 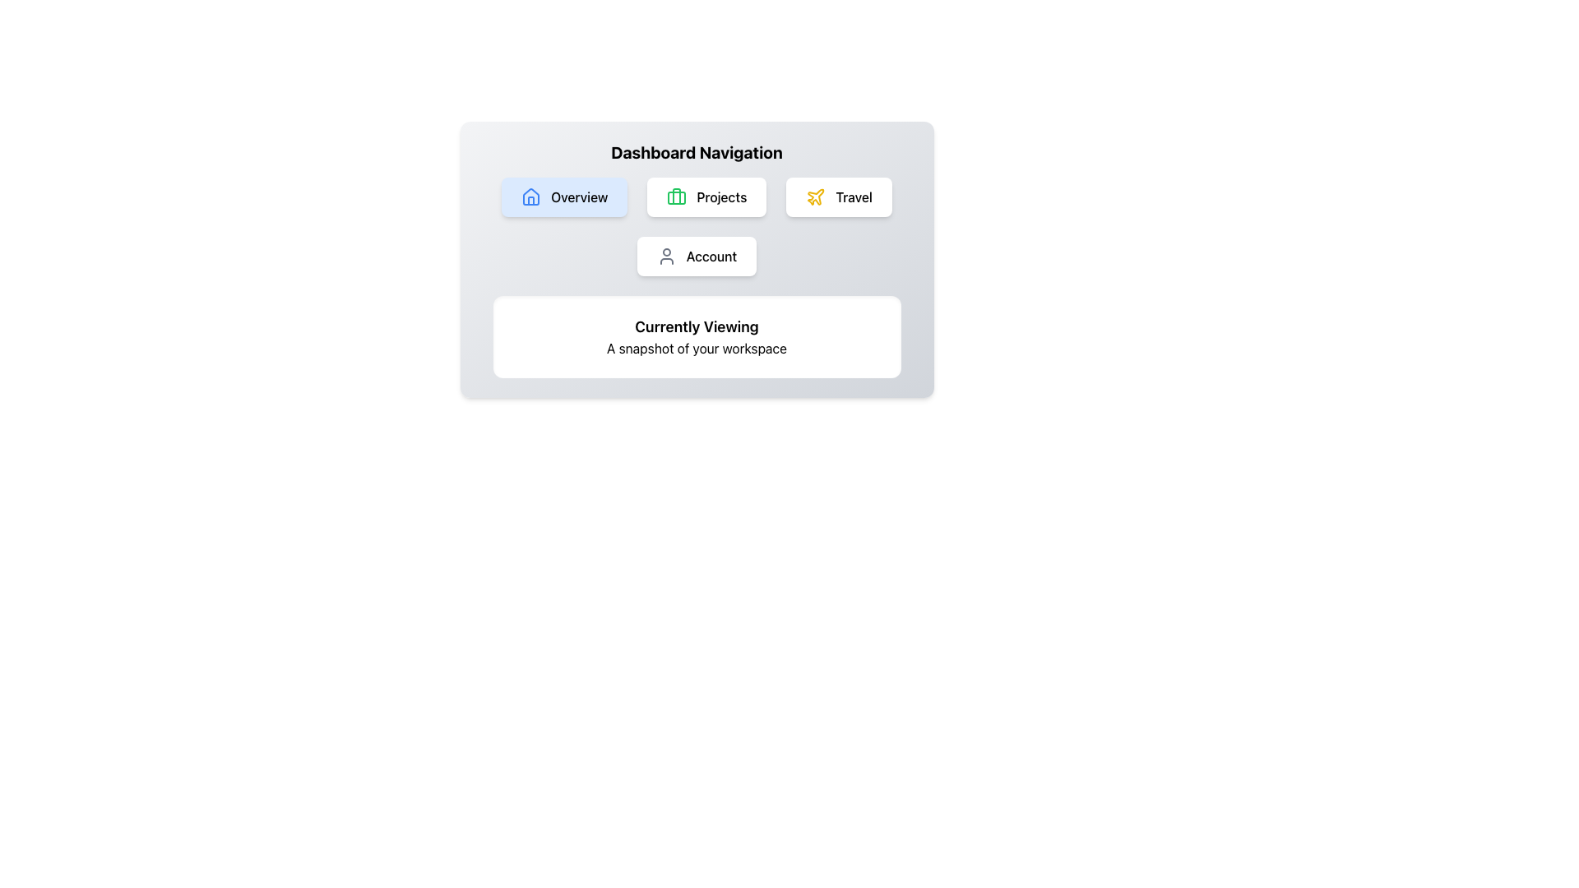 What do you see at coordinates (531, 196) in the screenshot?
I see `the compact and stylized house icon located in the leftmost navigation button labeled 'Overview' in the 'Dashboard Navigation' section` at bounding box center [531, 196].